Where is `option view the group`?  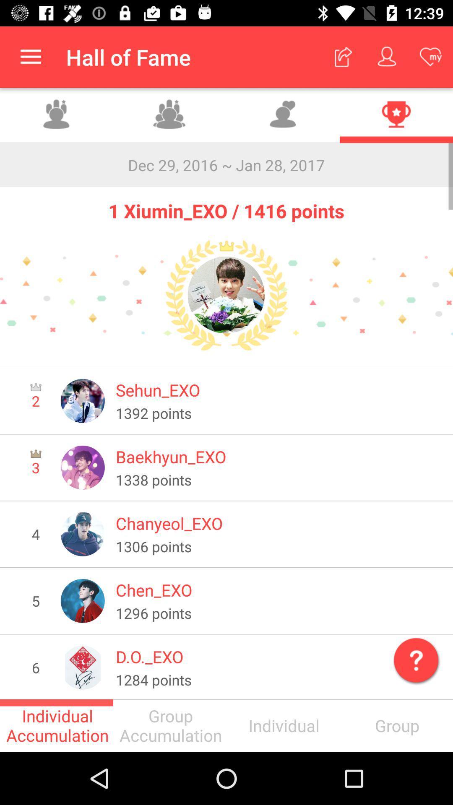
option view the group is located at coordinates (57, 115).